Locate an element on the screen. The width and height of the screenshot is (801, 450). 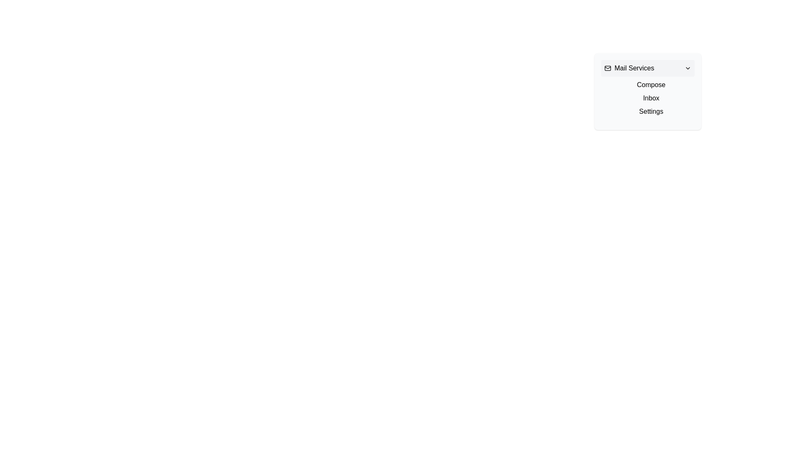
the Chevron-down icon located to the far right of the 'Mail Services' header is located at coordinates (688, 68).